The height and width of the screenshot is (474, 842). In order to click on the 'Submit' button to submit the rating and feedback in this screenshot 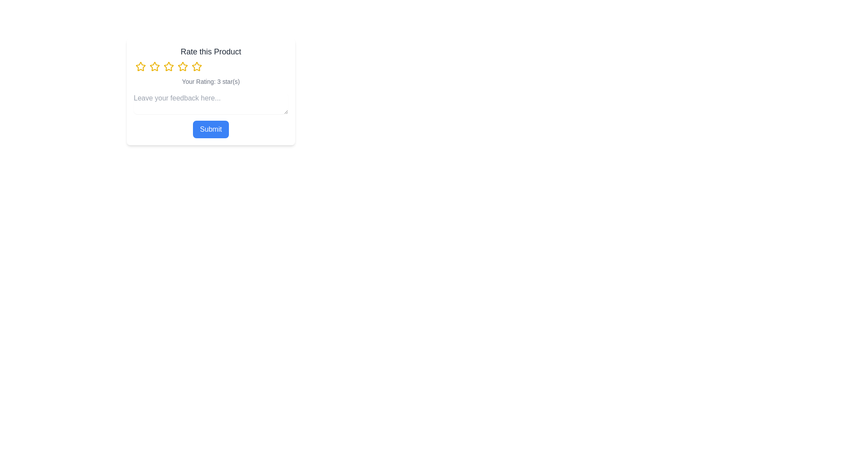, I will do `click(210, 129)`.